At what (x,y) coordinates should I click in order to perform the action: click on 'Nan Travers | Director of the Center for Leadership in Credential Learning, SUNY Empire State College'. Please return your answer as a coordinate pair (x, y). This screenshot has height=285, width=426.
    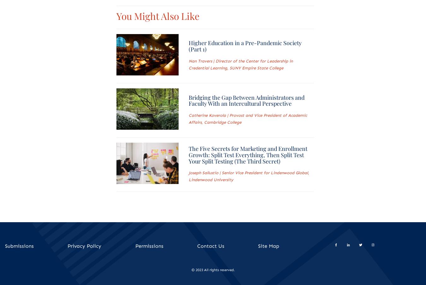
    Looking at the image, I should click on (240, 64).